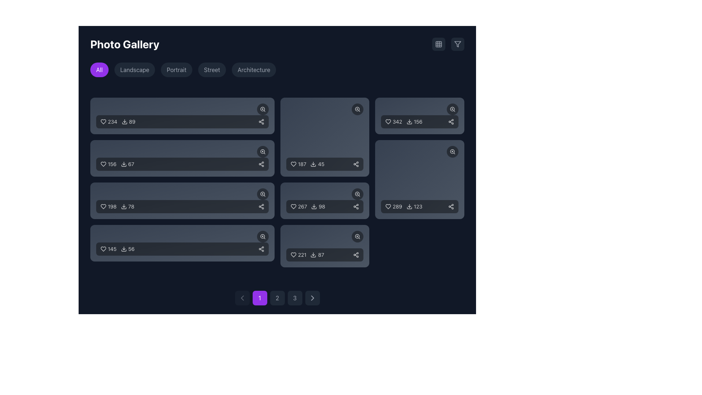 The image size is (702, 395). What do you see at coordinates (124, 249) in the screenshot?
I see `the download icon, which resembles a downward arrow, located to the left of the download count '56' in the content card showing a heart count of '145'` at bounding box center [124, 249].